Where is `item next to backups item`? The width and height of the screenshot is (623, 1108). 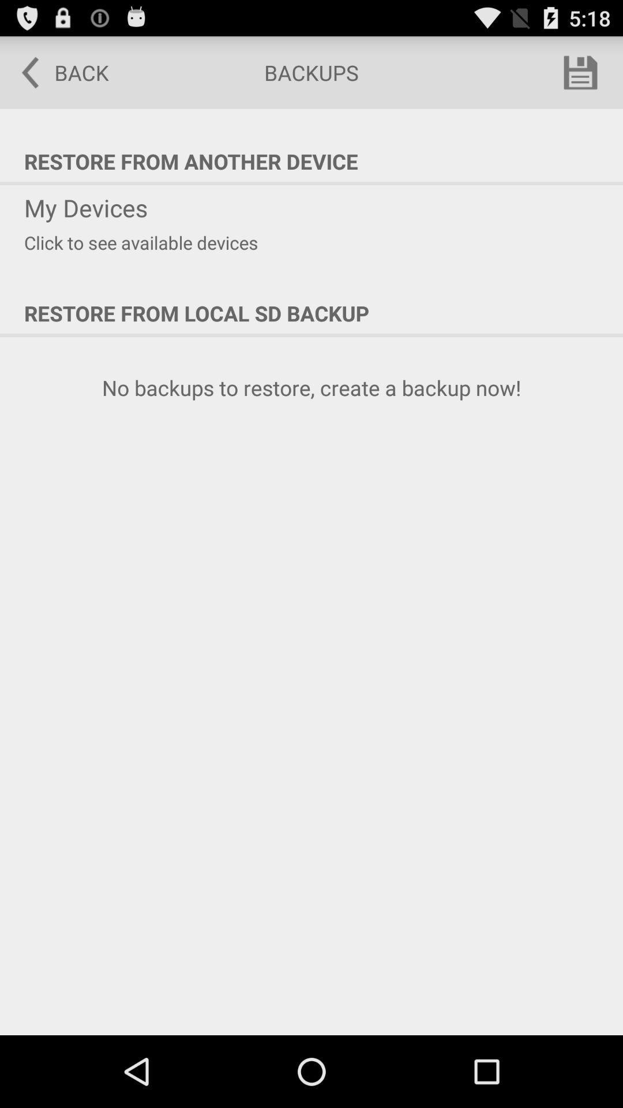 item next to backups item is located at coordinates (57, 72).